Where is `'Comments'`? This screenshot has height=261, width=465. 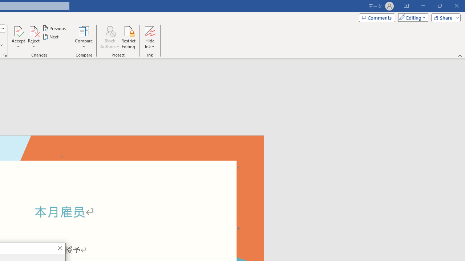
'Comments' is located at coordinates (377, 17).